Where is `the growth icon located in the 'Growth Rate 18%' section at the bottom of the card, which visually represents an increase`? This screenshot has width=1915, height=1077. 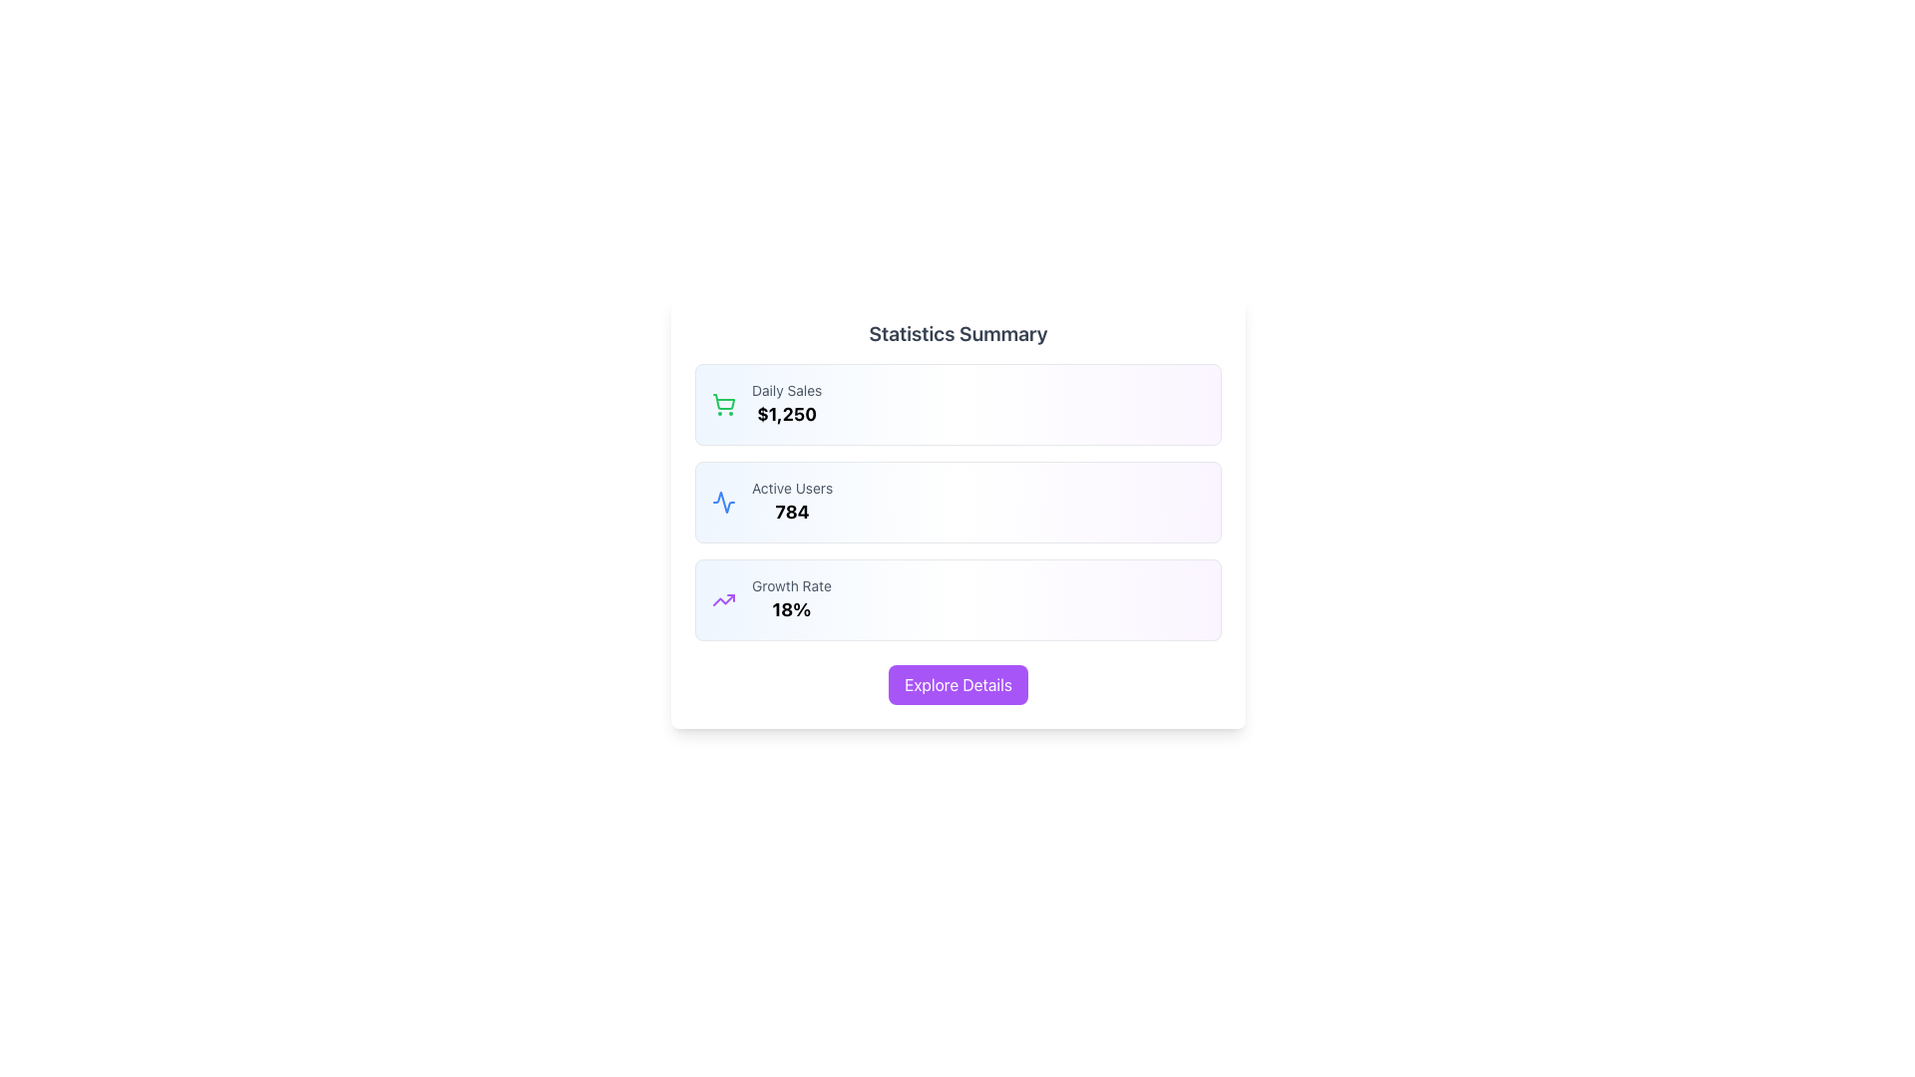 the growth icon located in the 'Growth Rate 18%' section at the bottom of the card, which visually represents an increase is located at coordinates (722, 598).